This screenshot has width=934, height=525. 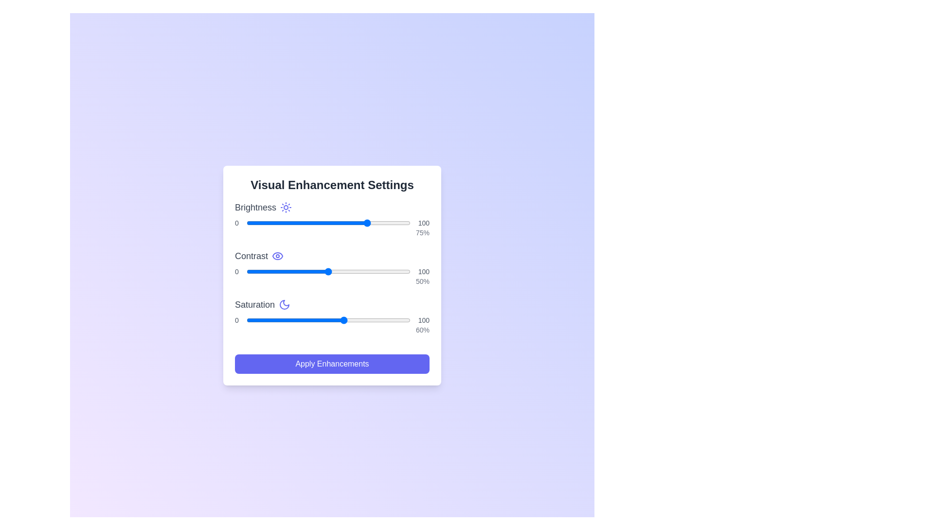 What do you see at coordinates (332, 364) in the screenshot?
I see `the 'Apply Enhancements' button` at bounding box center [332, 364].